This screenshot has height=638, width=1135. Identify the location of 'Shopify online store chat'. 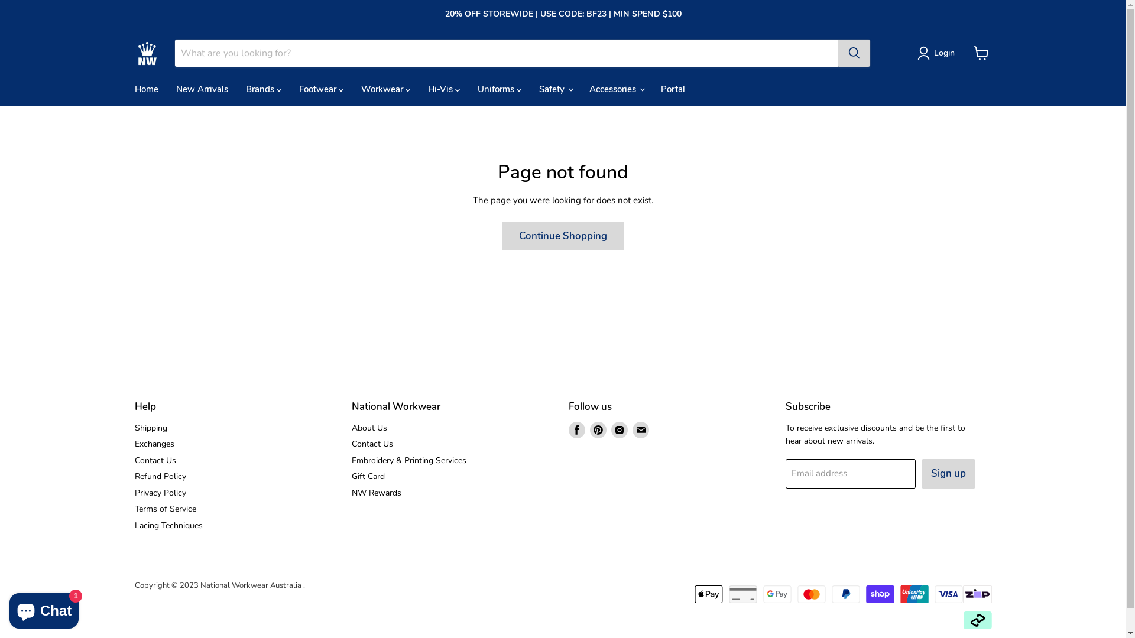
(44, 608).